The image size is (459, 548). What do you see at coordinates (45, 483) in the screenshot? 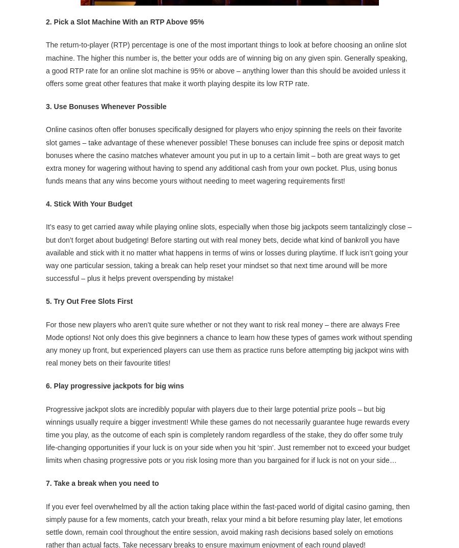
I see `'7. Take a break when you need to'` at bounding box center [45, 483].